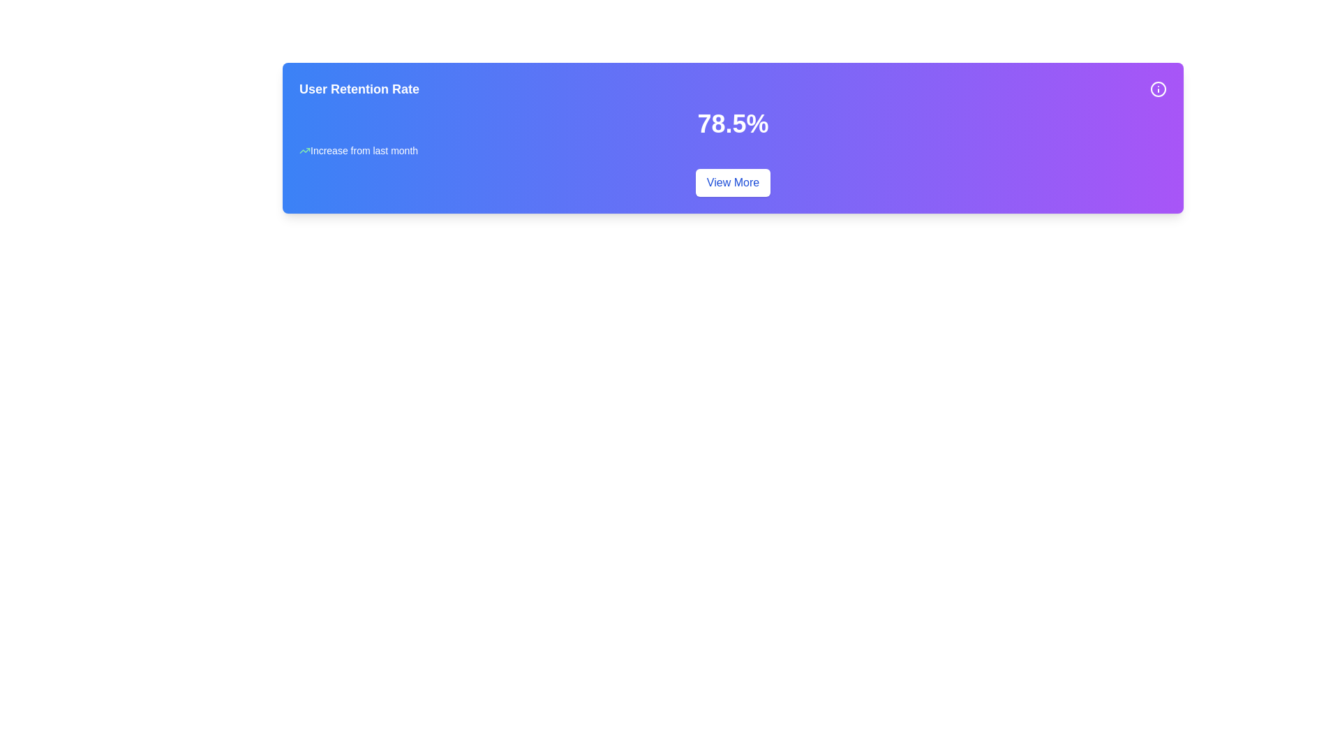  What do you see at coordinates (732, 134) in the screenshot?
I see `the text-based informational UI component that displays the user retention rate of '78.5%' with a note 'Increase from last month'` at bounding box center [732, 134].